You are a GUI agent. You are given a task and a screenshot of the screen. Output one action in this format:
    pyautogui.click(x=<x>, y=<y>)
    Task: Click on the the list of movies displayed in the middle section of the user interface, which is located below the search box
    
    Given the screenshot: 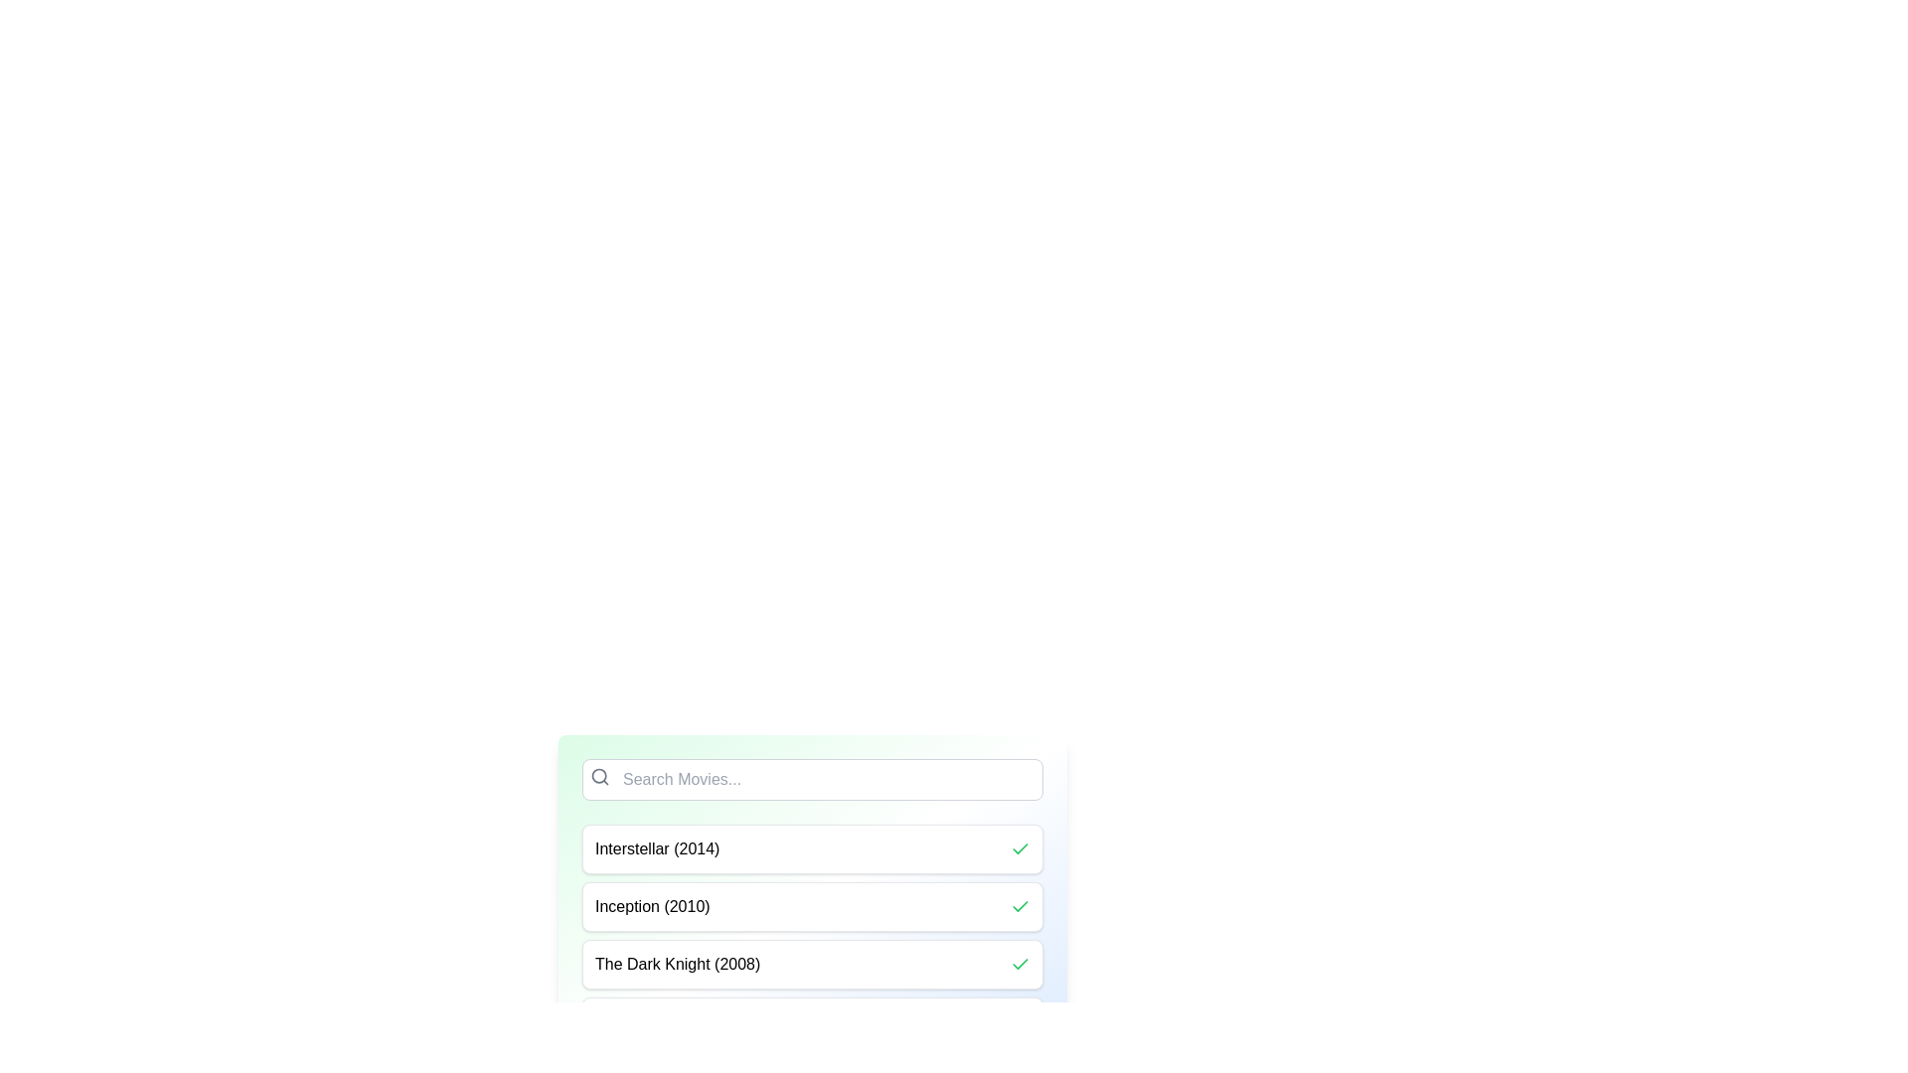 What is the action you would take?
    pyautogui.click(x=812, y=935)
    